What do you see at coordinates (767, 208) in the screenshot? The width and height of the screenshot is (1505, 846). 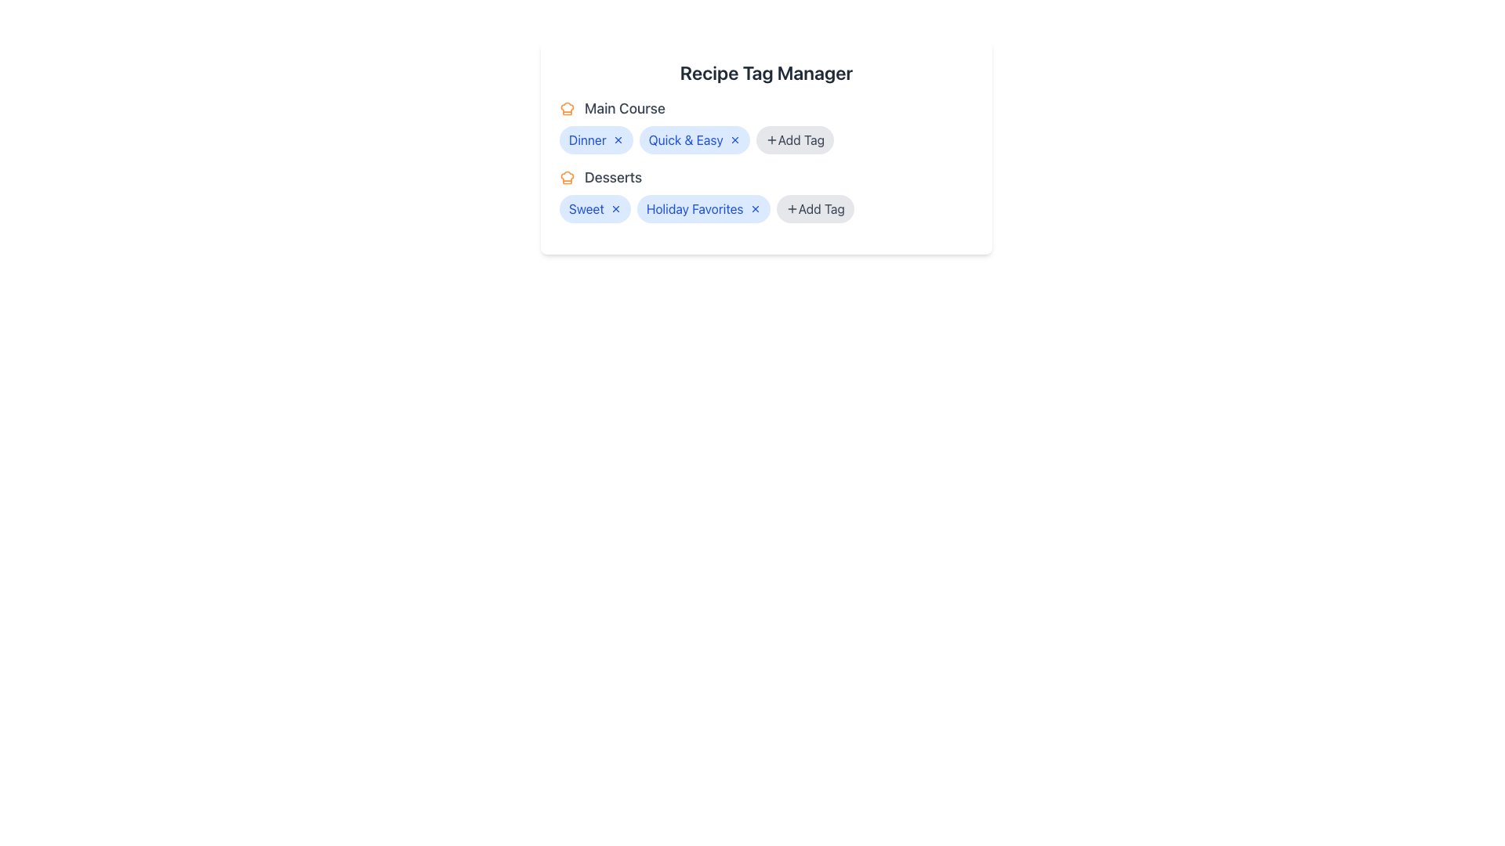 I see `the 'Sweet' and 'Holiday Favorites' tags in the 'Desserts' category section` at bounding box center [767, 208].